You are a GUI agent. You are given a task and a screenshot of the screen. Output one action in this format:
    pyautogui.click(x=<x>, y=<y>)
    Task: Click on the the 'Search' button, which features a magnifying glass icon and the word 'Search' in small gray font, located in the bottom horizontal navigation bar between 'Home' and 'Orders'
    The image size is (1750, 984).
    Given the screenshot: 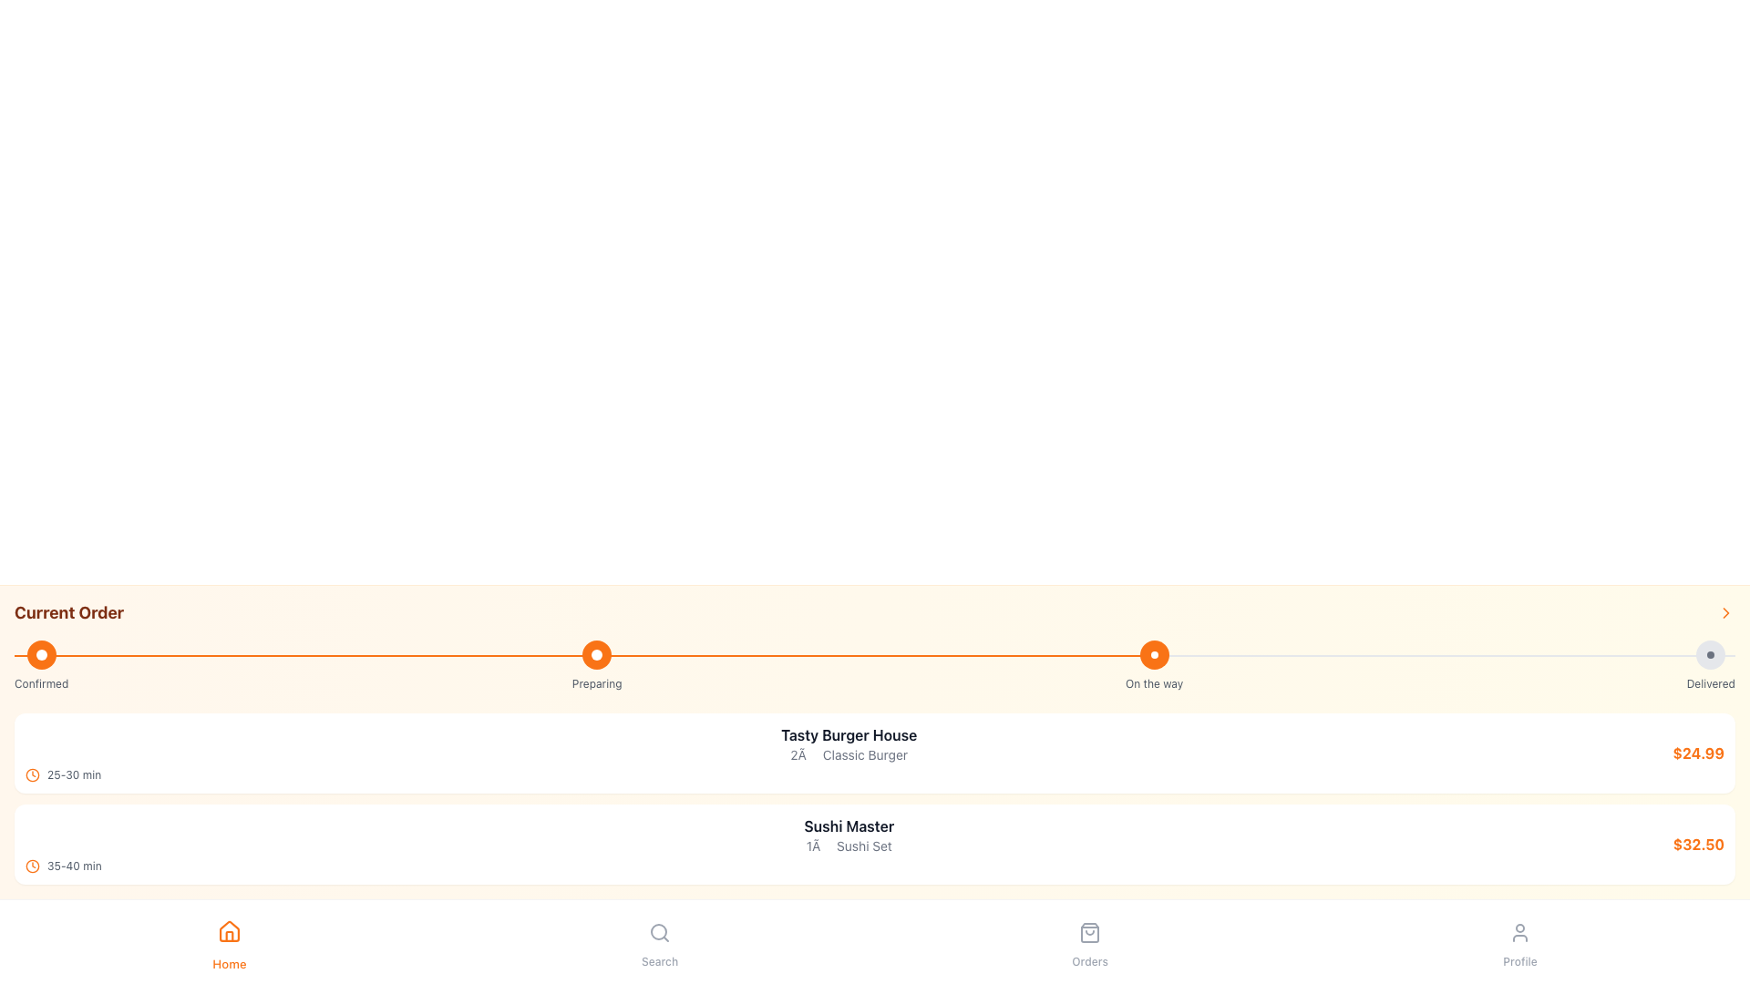 What is the action you would take?
    pyautogui.click(x=659, y=941)
    